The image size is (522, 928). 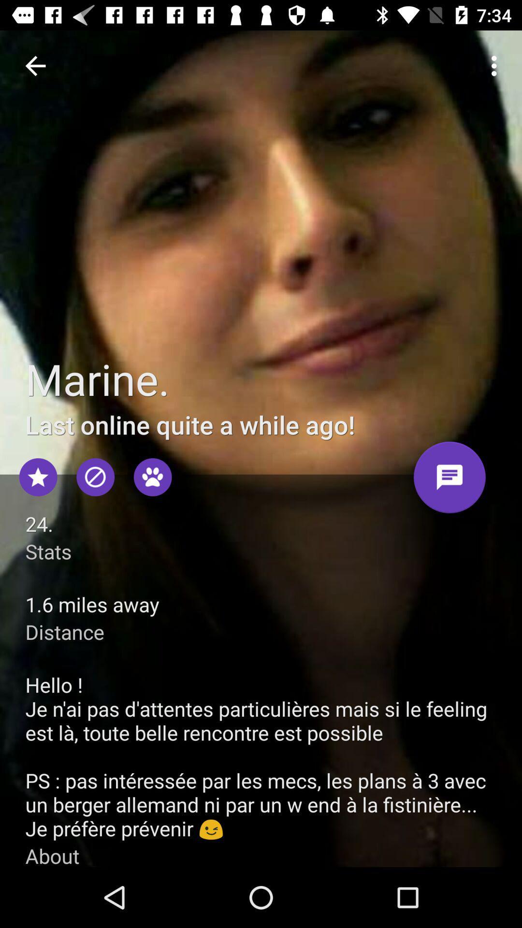 What do you see at coordinates (449, 481) in the screenshot?
I see `message button` at bounding box center [449, 481].